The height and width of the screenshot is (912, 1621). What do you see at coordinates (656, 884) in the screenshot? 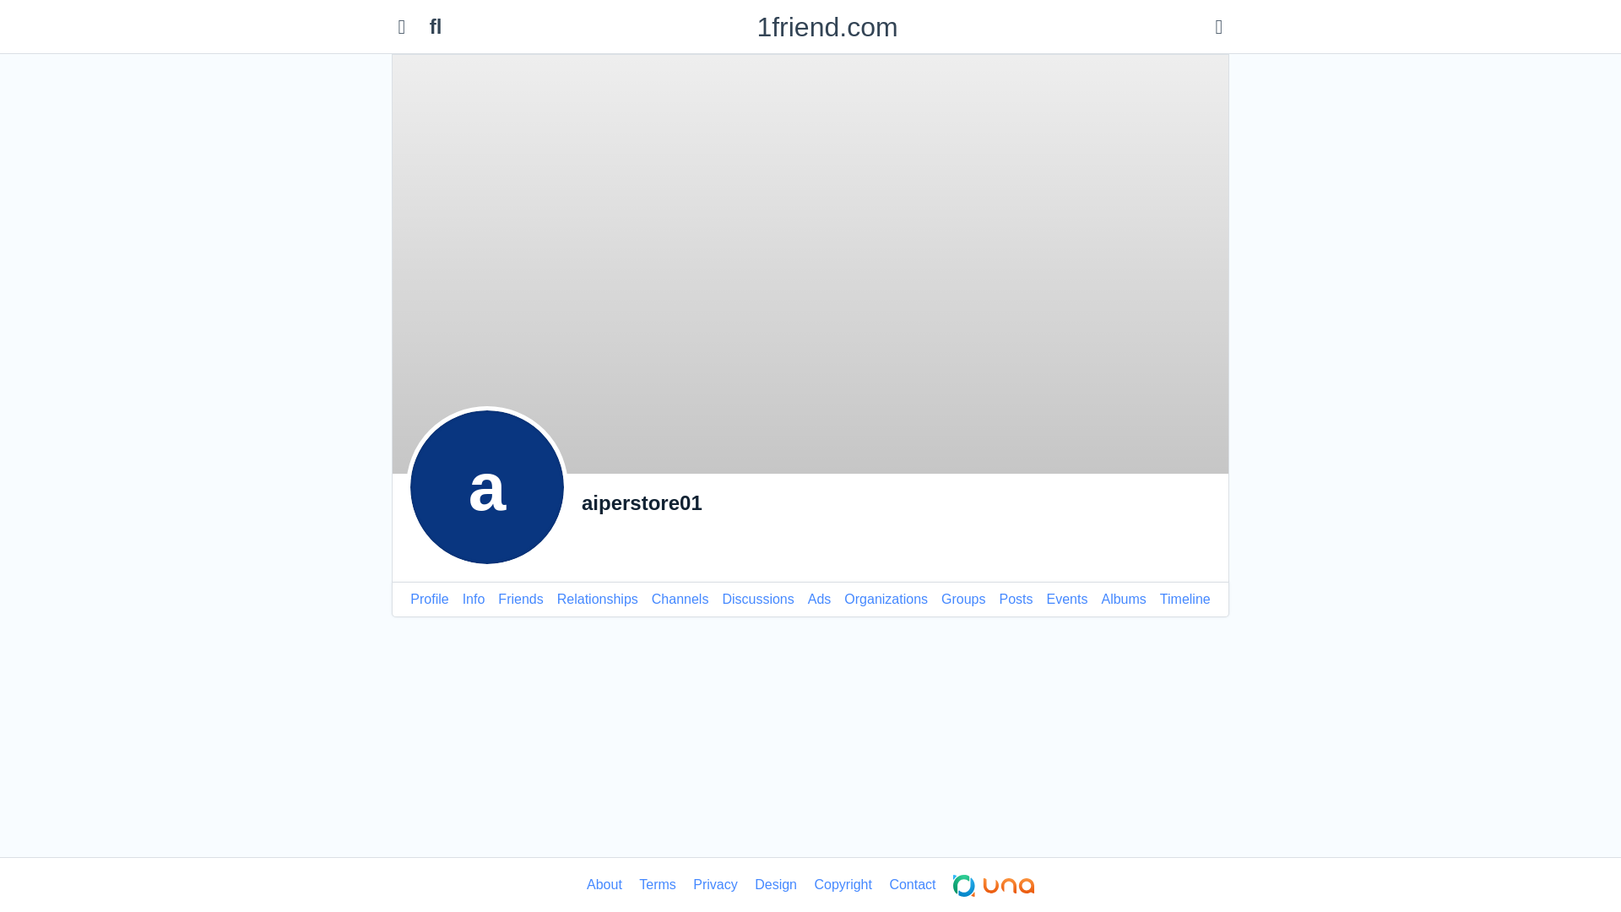
I see `'Terms'` at bounding box center [656, 884].